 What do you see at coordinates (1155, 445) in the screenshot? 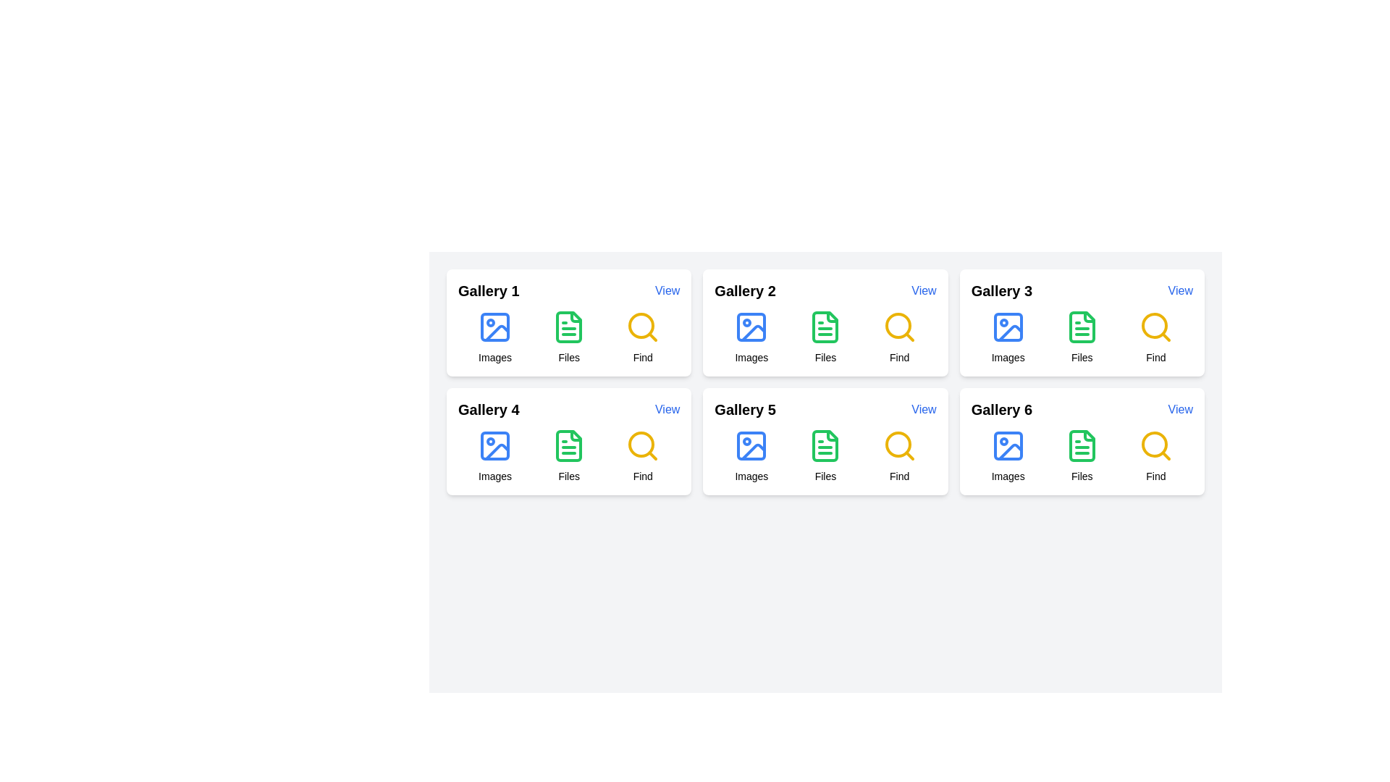
I see `the yellow magnifying glass icon in the 'Find' section of the sixth gallery box to initiate the search function` at bounding box center [1155, 445].